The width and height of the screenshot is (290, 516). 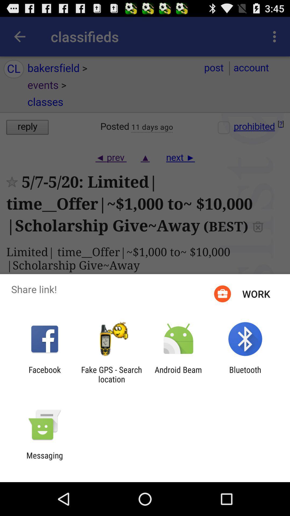 What do you see at coordinates (44, 374) in the screenshot?
I see `the facebook app` at bounding box center [44, 374].